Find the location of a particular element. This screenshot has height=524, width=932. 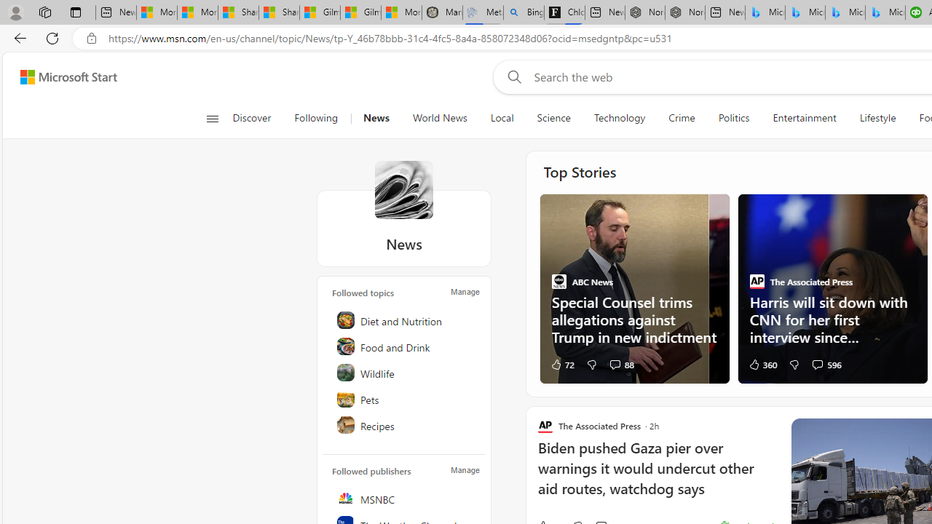

'Bing Real Estate - Home sales and rental listings' is located at coordinates (524, 12).